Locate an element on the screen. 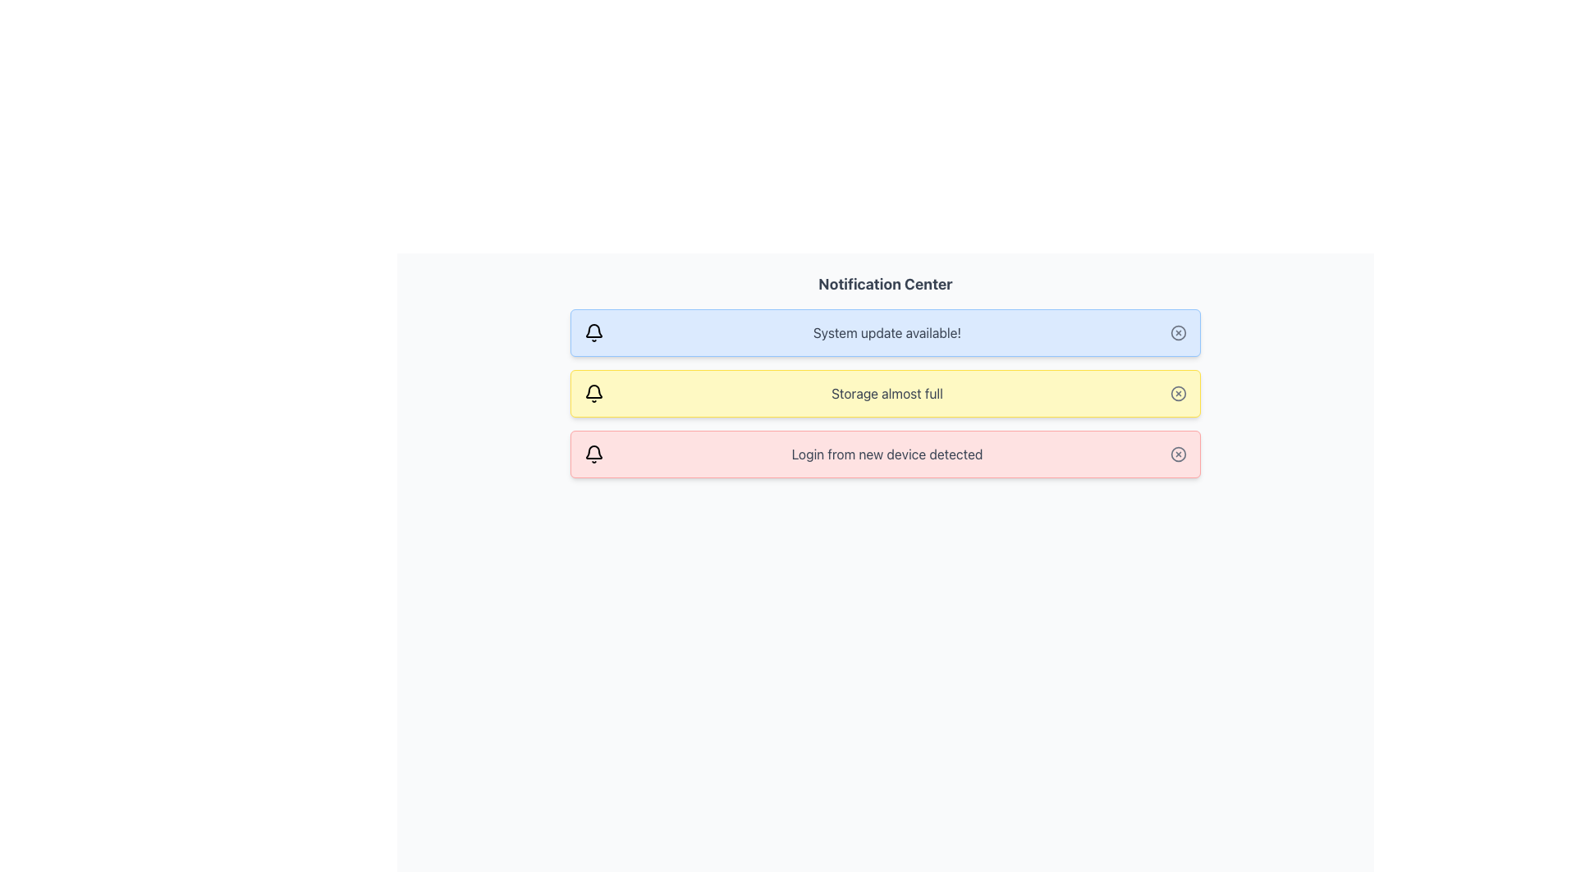 This screenshot has width=1576, height=886. the leftmost notification icon in the third row, which is encased by a red-colored bar, to acknowledge the notification is located at coordinates (593, 452).